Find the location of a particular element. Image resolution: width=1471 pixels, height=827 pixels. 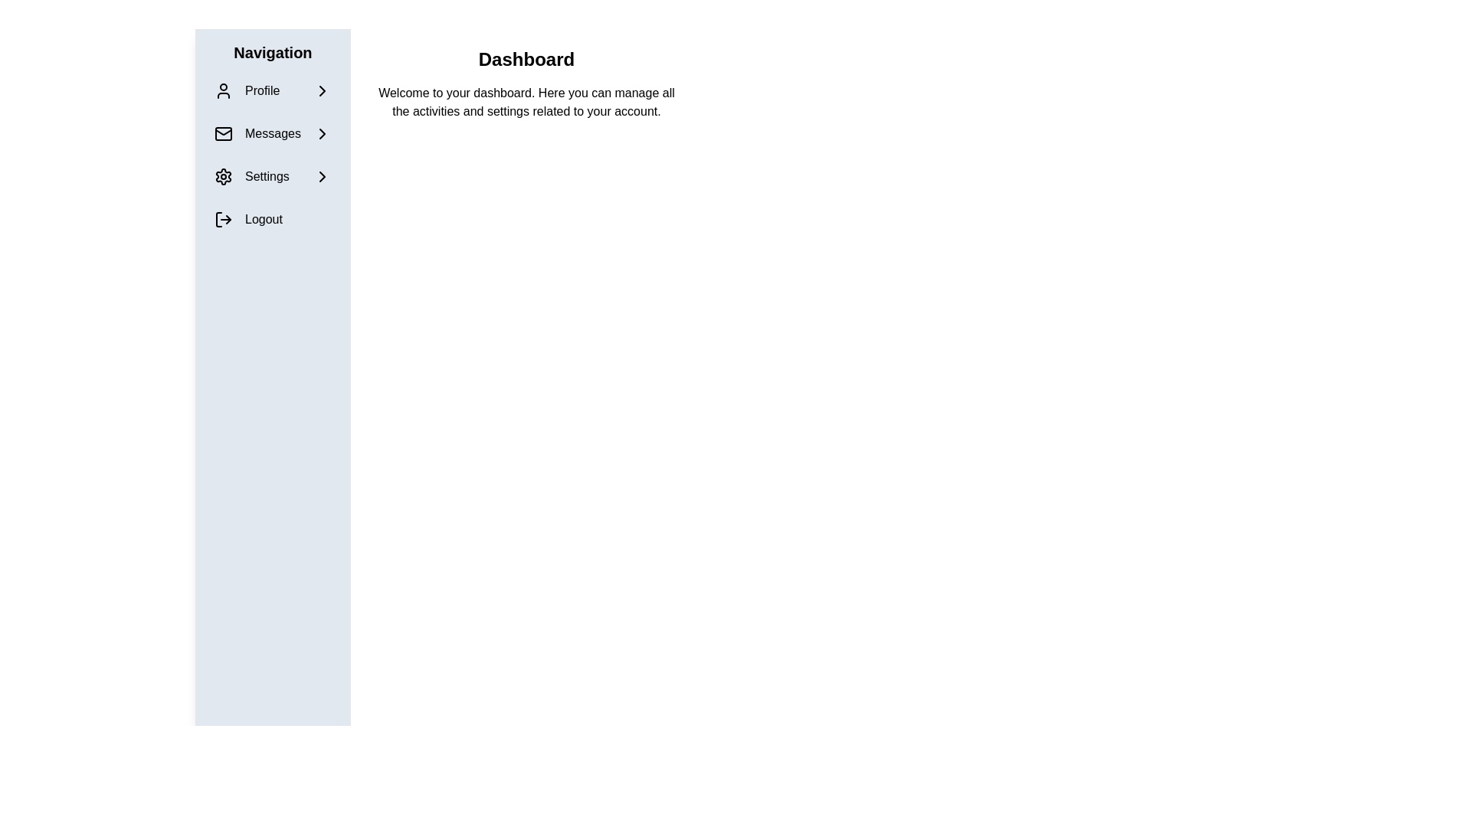

the right-facing chevron arrow icon located to the right of the 'Settings' label in the left-side navigation bar is located at coordinates (321, 176).